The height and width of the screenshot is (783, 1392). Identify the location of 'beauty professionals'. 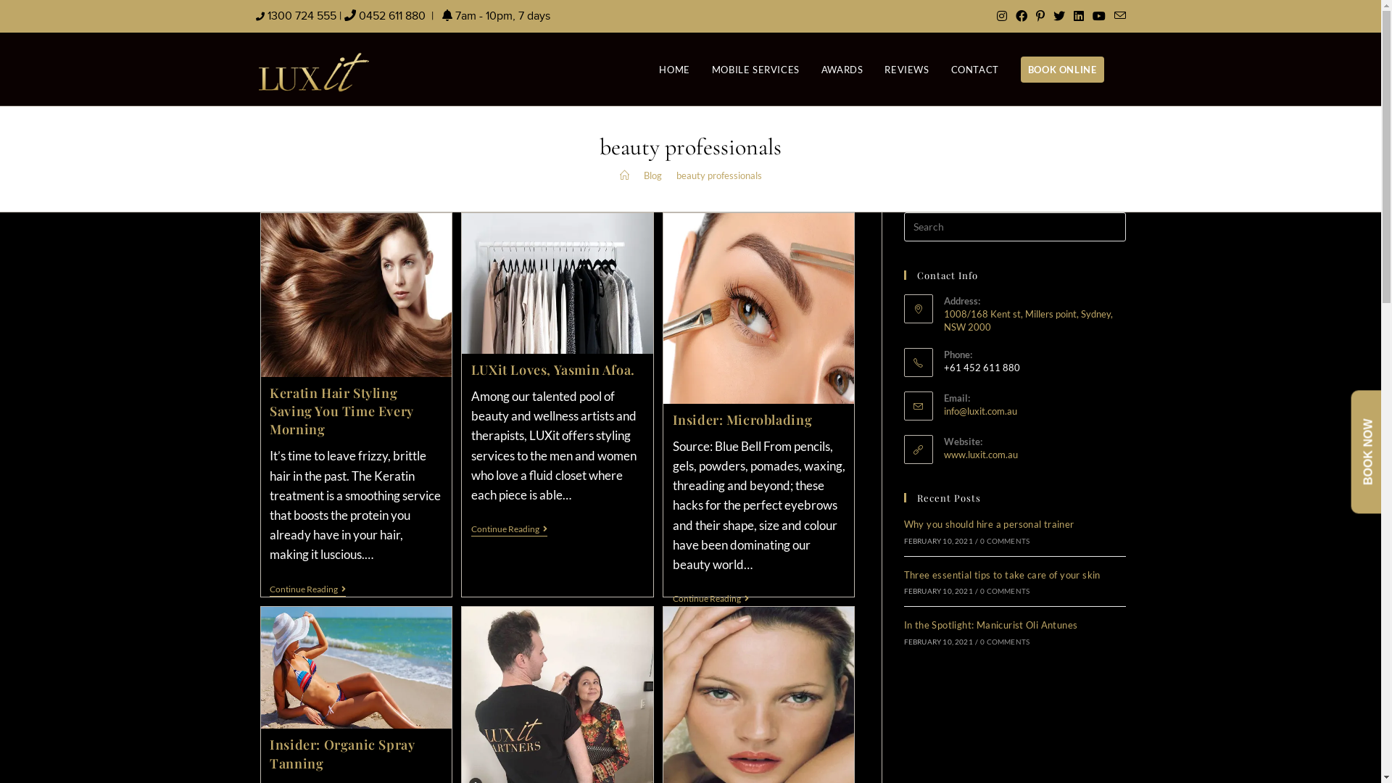
(718, 175).